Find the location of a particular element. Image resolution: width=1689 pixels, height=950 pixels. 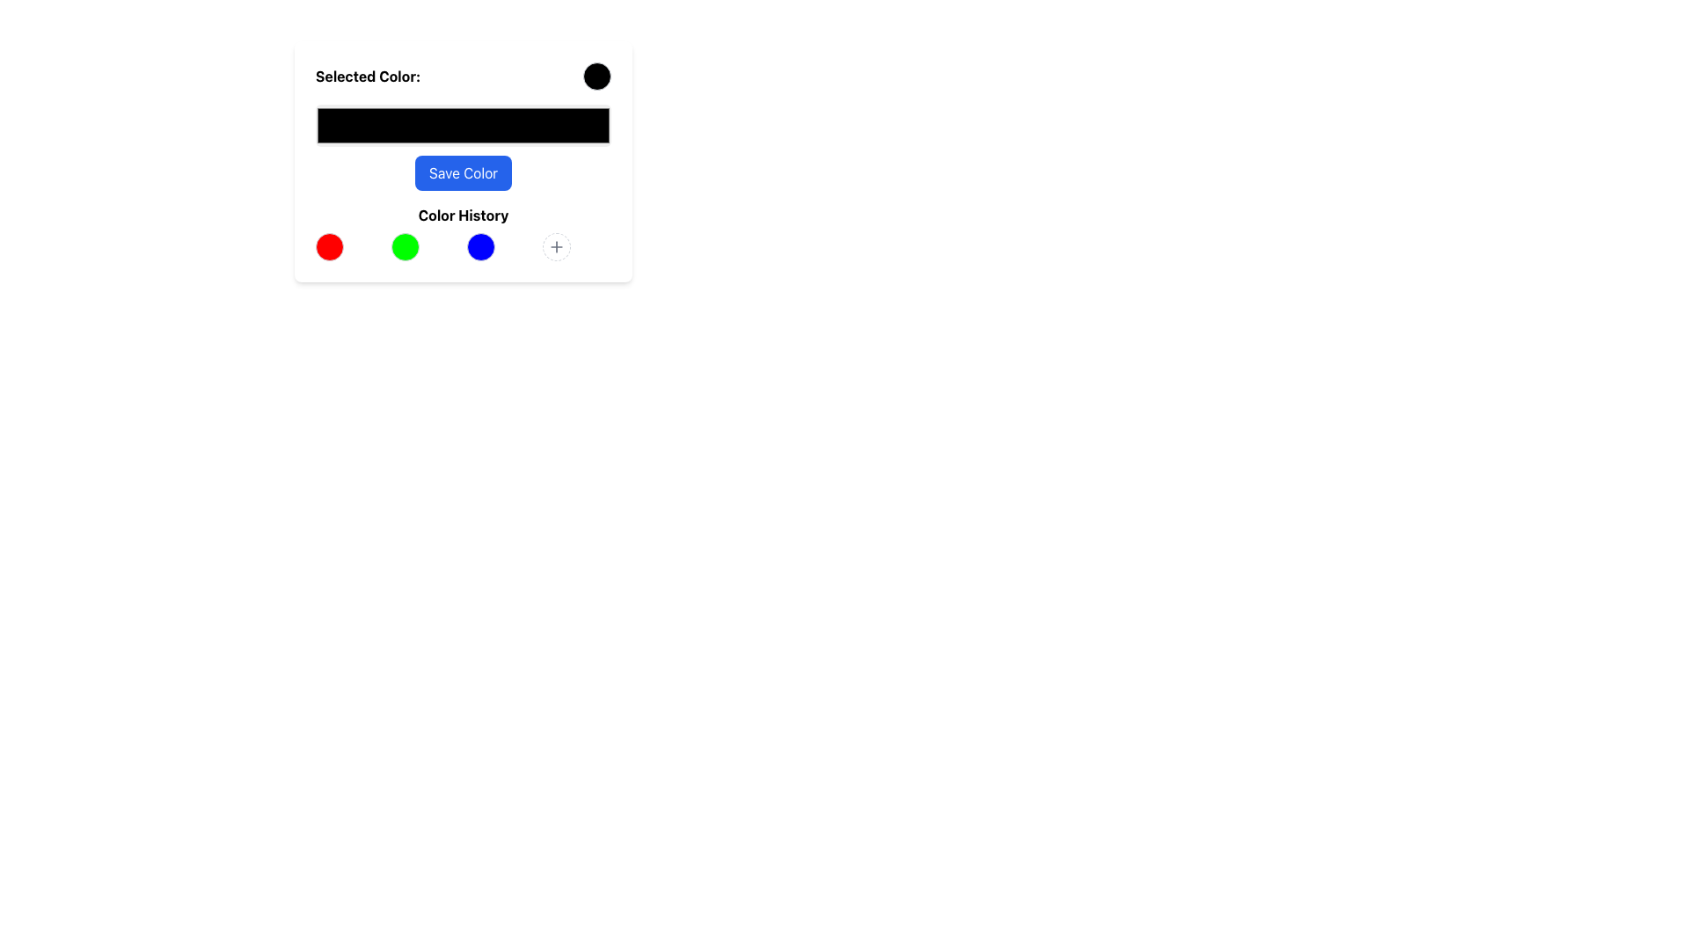

the static text label that serves as a heading for the color history options, located above the color selection circles is located at coordinates (464, 215).